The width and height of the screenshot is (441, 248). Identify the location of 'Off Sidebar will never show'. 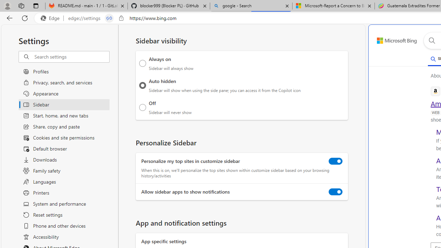
(142, 107).